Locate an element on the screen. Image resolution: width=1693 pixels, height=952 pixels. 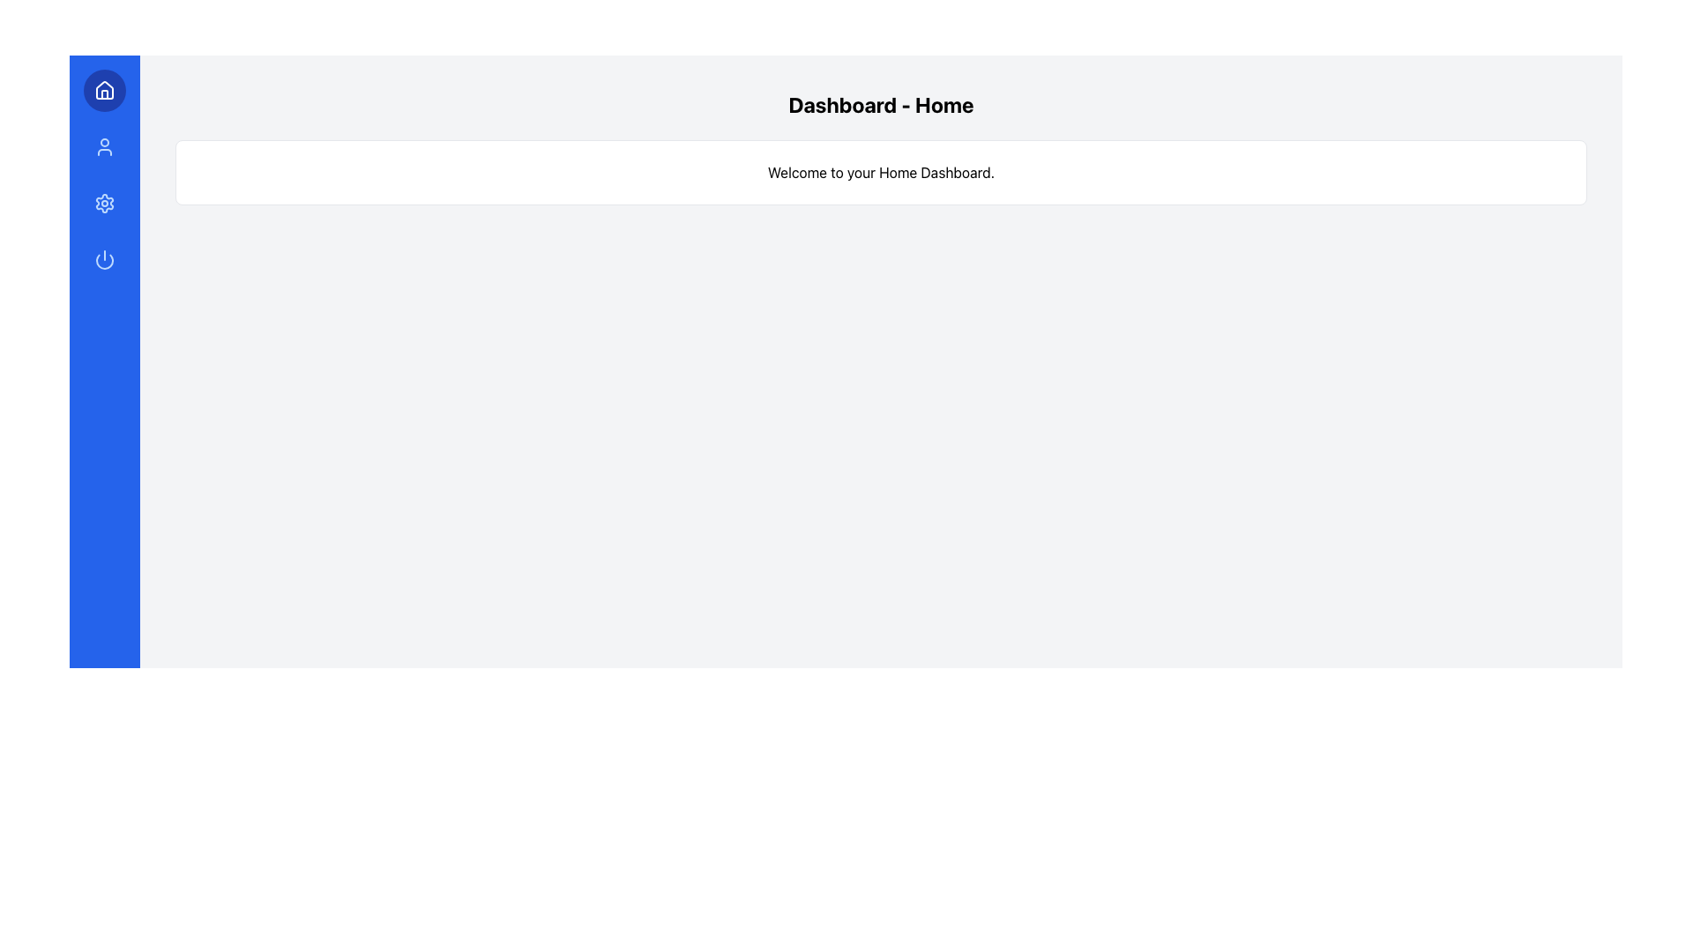
the circular blue button with a white user profile icon, which is the second item in the left sidebar menu is located at coordinates (104, 145).